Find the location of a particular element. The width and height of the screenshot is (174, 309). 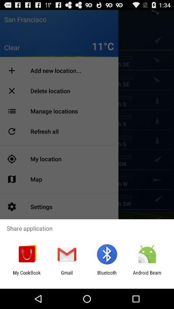

the my cookbook is located at coordinates (26, 275).